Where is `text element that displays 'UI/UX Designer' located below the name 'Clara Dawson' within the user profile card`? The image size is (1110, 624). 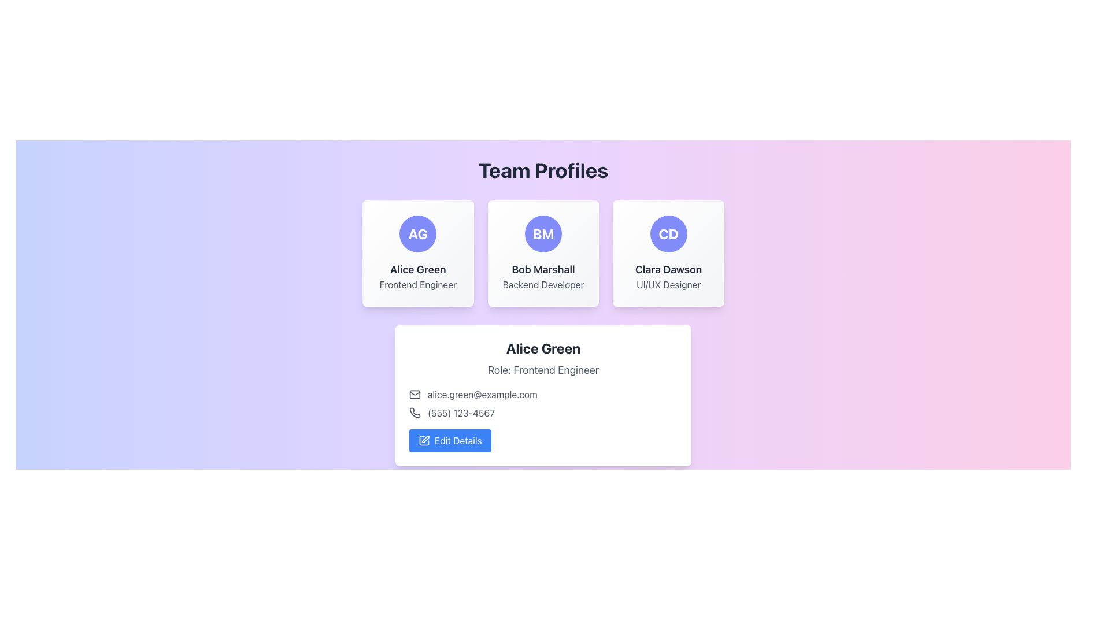 text element that displays 'UI/UX Designer' located below the name 'Clara Dawson' within the user profile card is located at coordinates (668, 285).